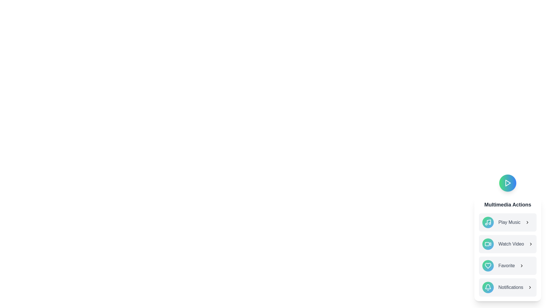  I want to click on the icon of the menu item labeled Notifications, so click(488, 287).